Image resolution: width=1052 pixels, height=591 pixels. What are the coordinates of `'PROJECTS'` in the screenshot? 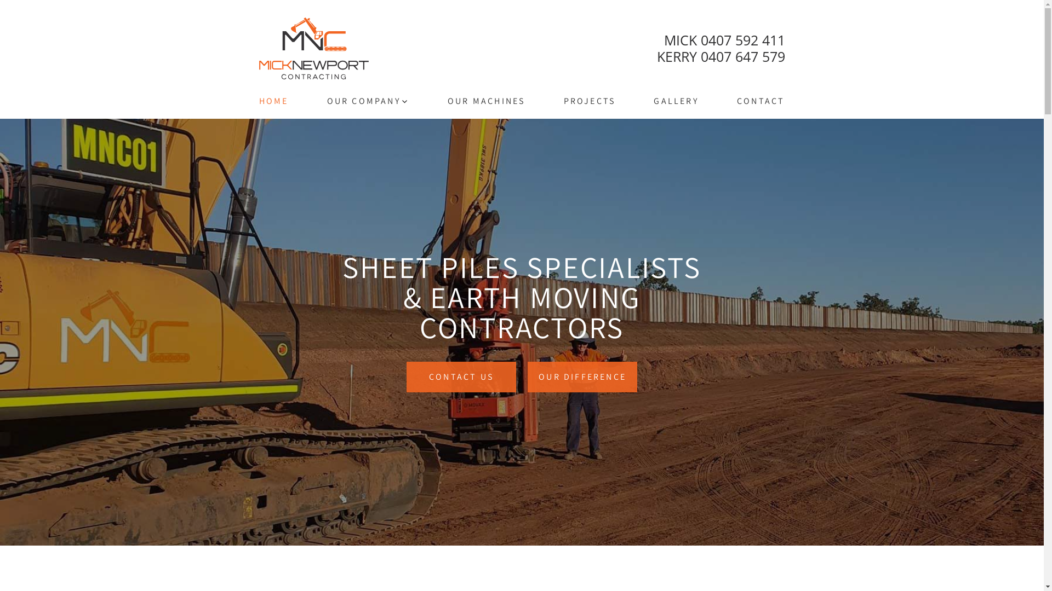 It's located at (589, 101).